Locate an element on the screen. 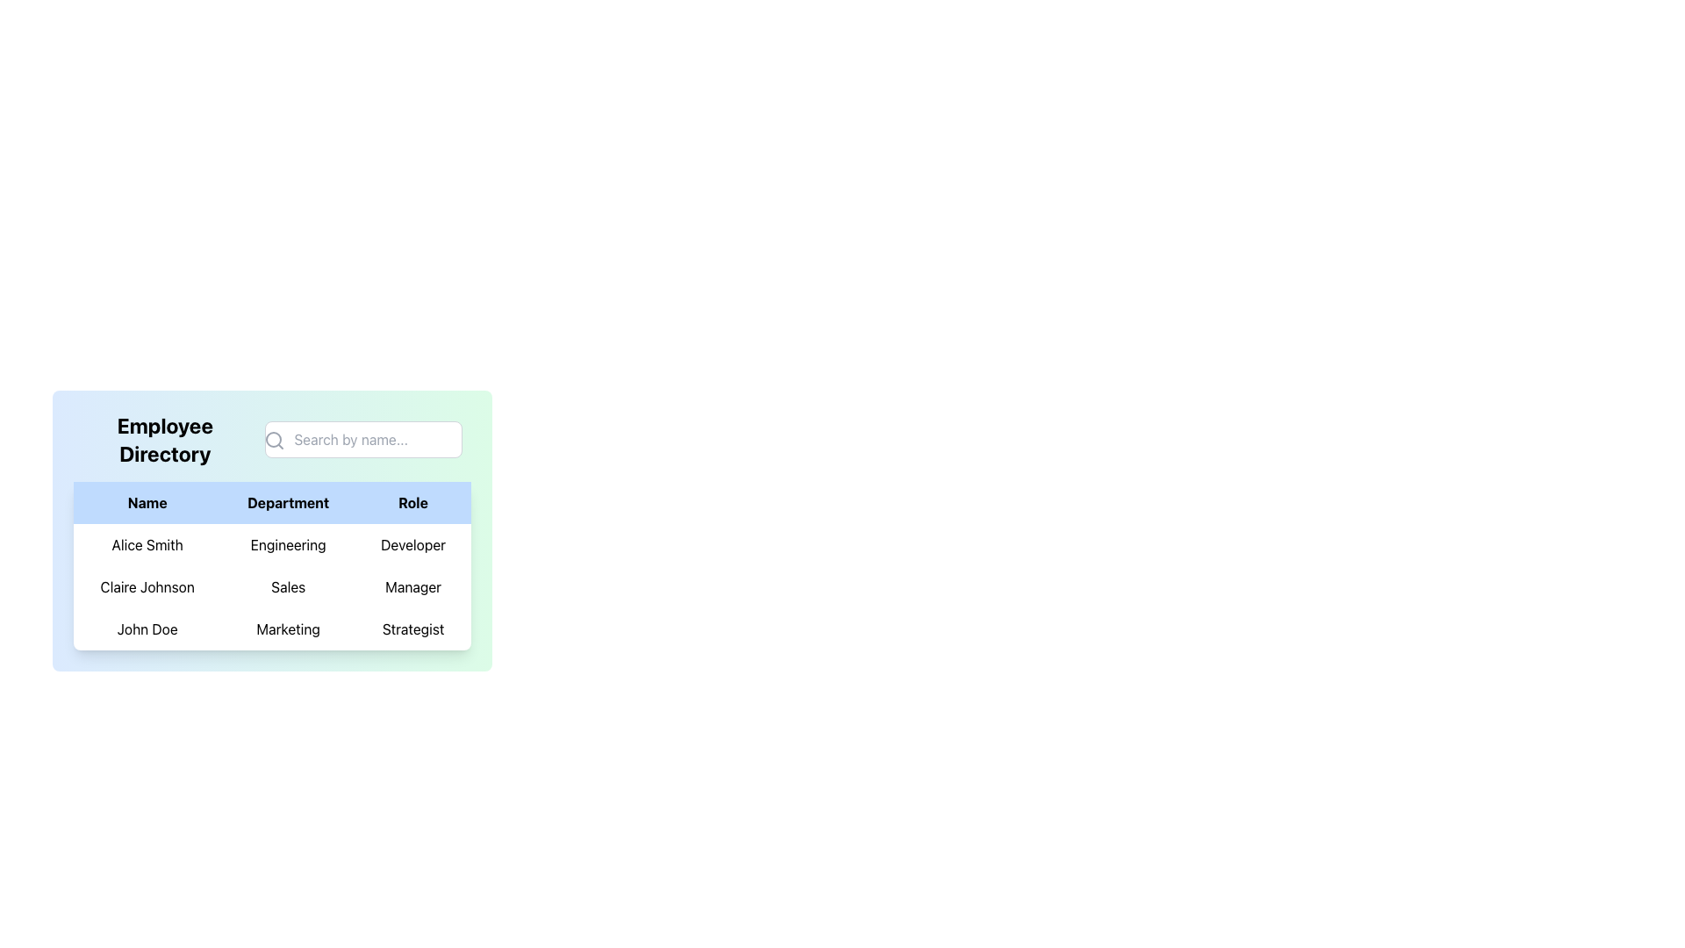 The image size is (1685, 948). the third row of the employee directory table that displays an individual's name, department, and role is located at coordinates (271, 628).